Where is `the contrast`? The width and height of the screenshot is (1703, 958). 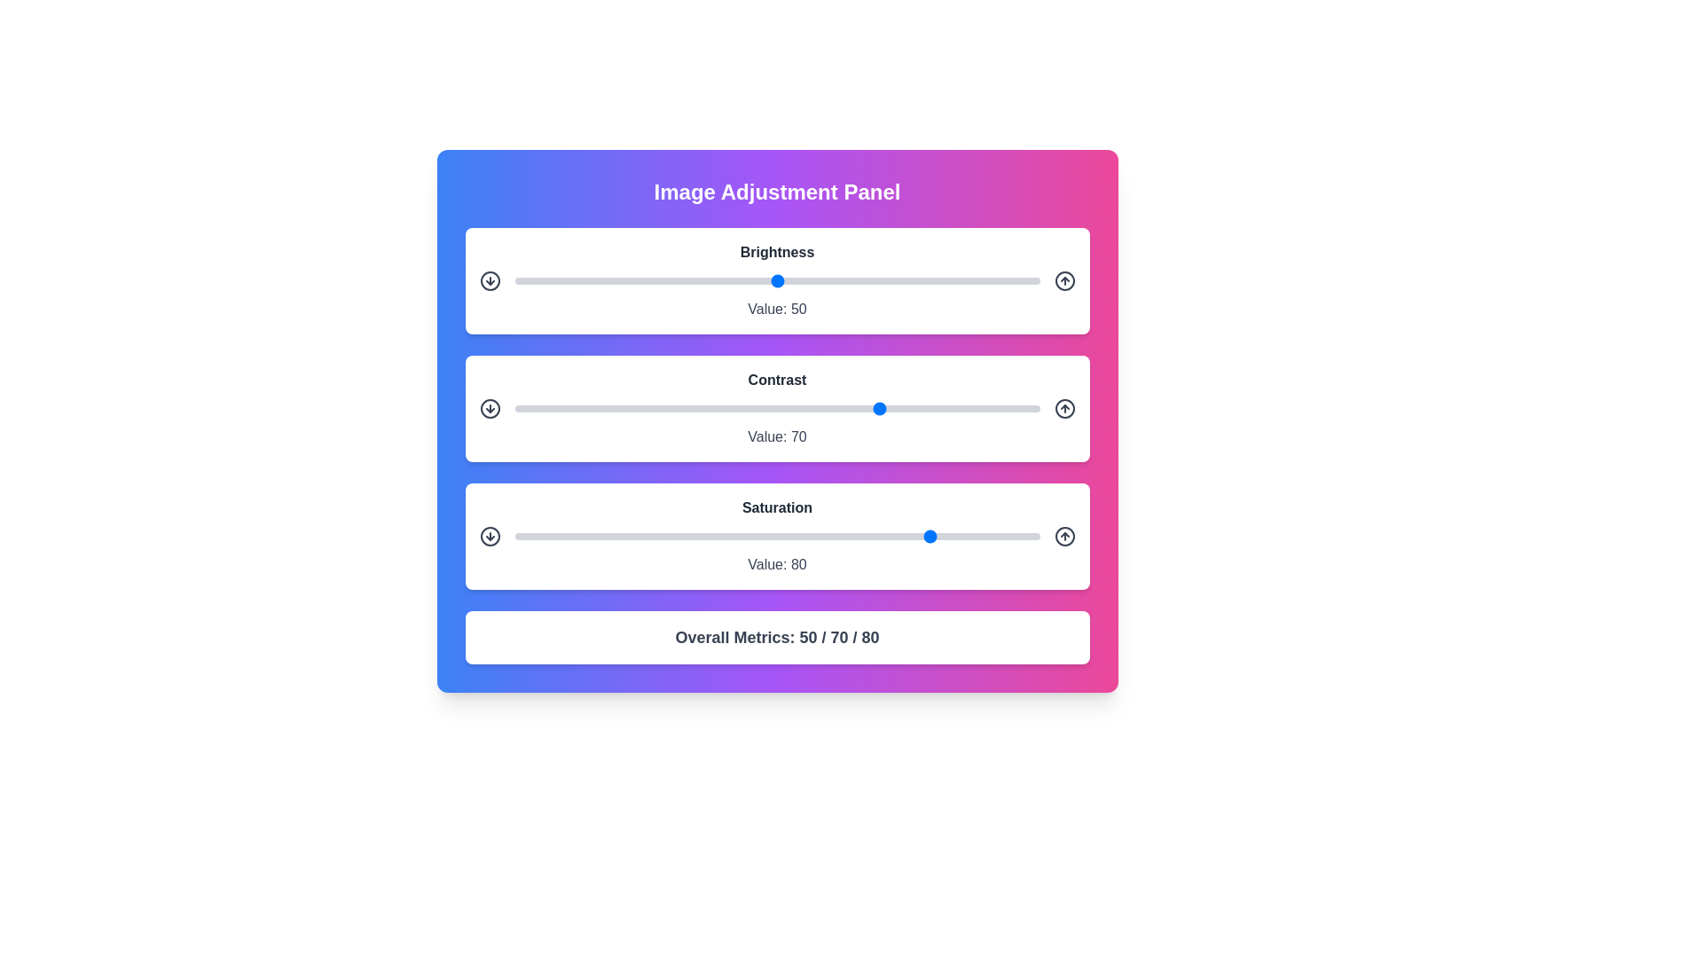 the contrast is located at coordinates (954, 409).